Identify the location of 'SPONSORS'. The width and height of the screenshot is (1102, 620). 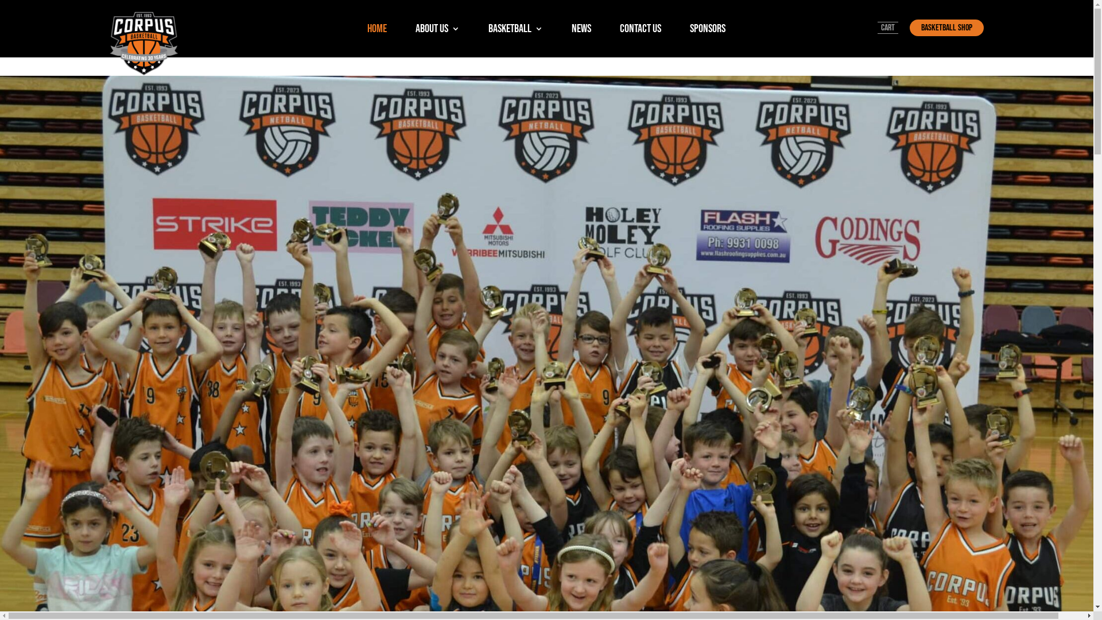
(707, 30).